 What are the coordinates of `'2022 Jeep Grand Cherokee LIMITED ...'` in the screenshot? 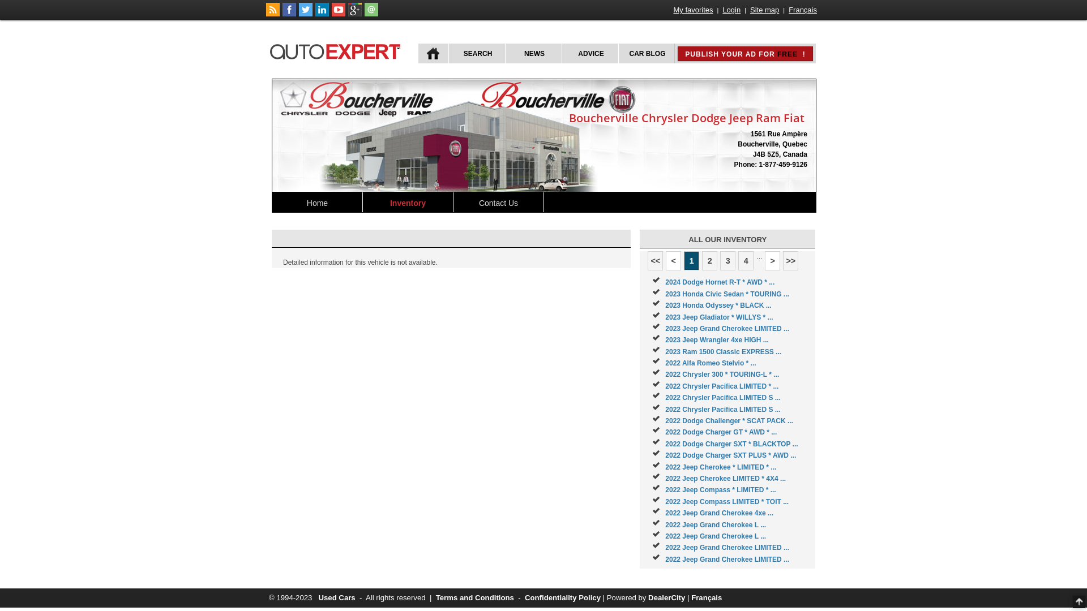 It's located at (727, 558).